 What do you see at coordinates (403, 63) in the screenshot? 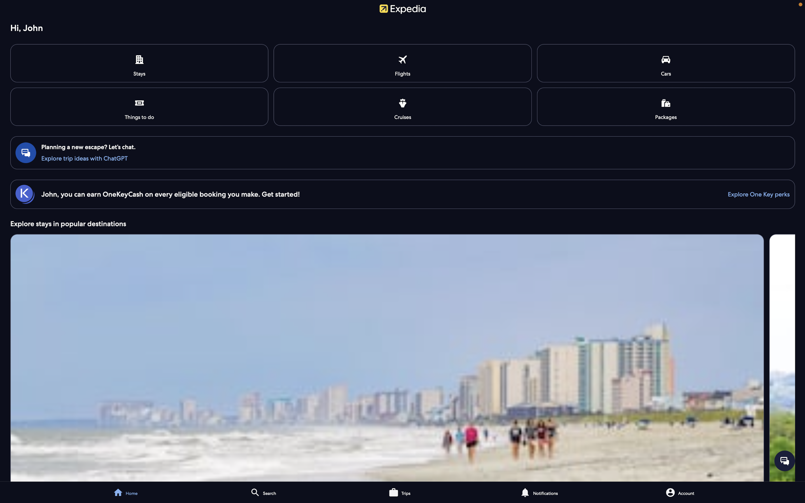
I see `Check the flights` at bounding box center [403, 63].